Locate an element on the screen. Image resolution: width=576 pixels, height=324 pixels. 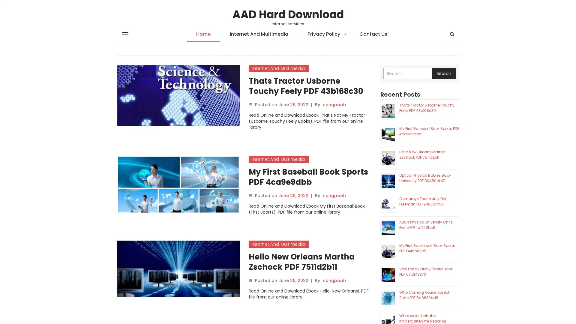
Search is located at coordinates (444, 73).